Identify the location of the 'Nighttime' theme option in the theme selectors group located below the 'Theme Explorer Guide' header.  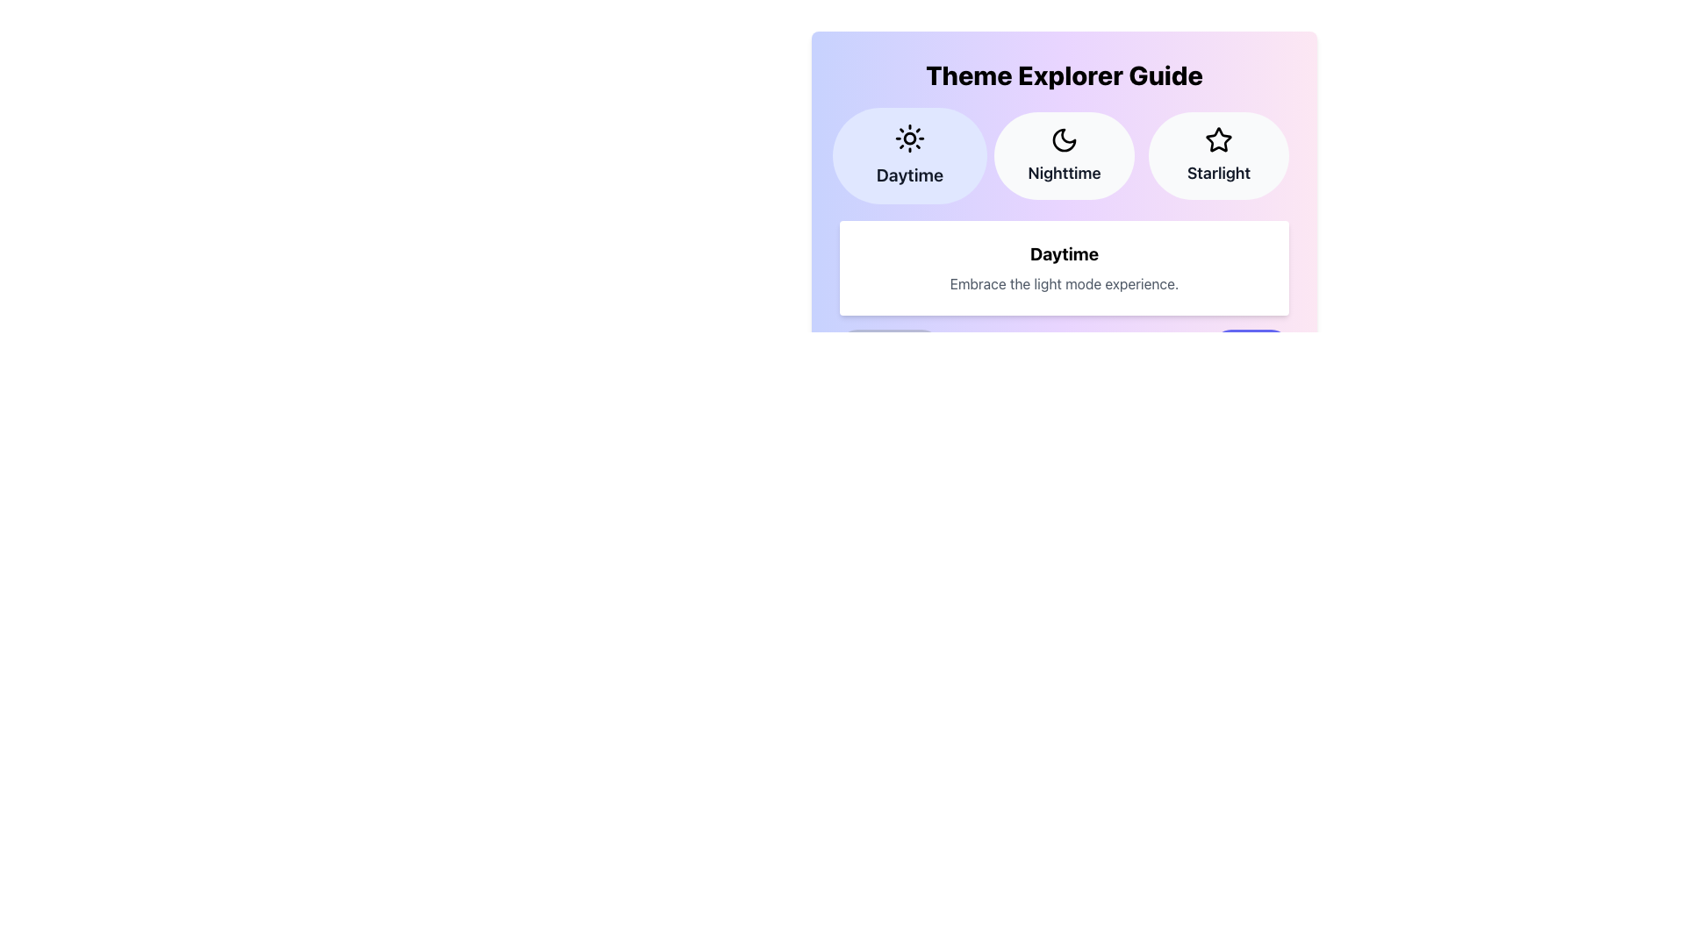
(1064, 154).